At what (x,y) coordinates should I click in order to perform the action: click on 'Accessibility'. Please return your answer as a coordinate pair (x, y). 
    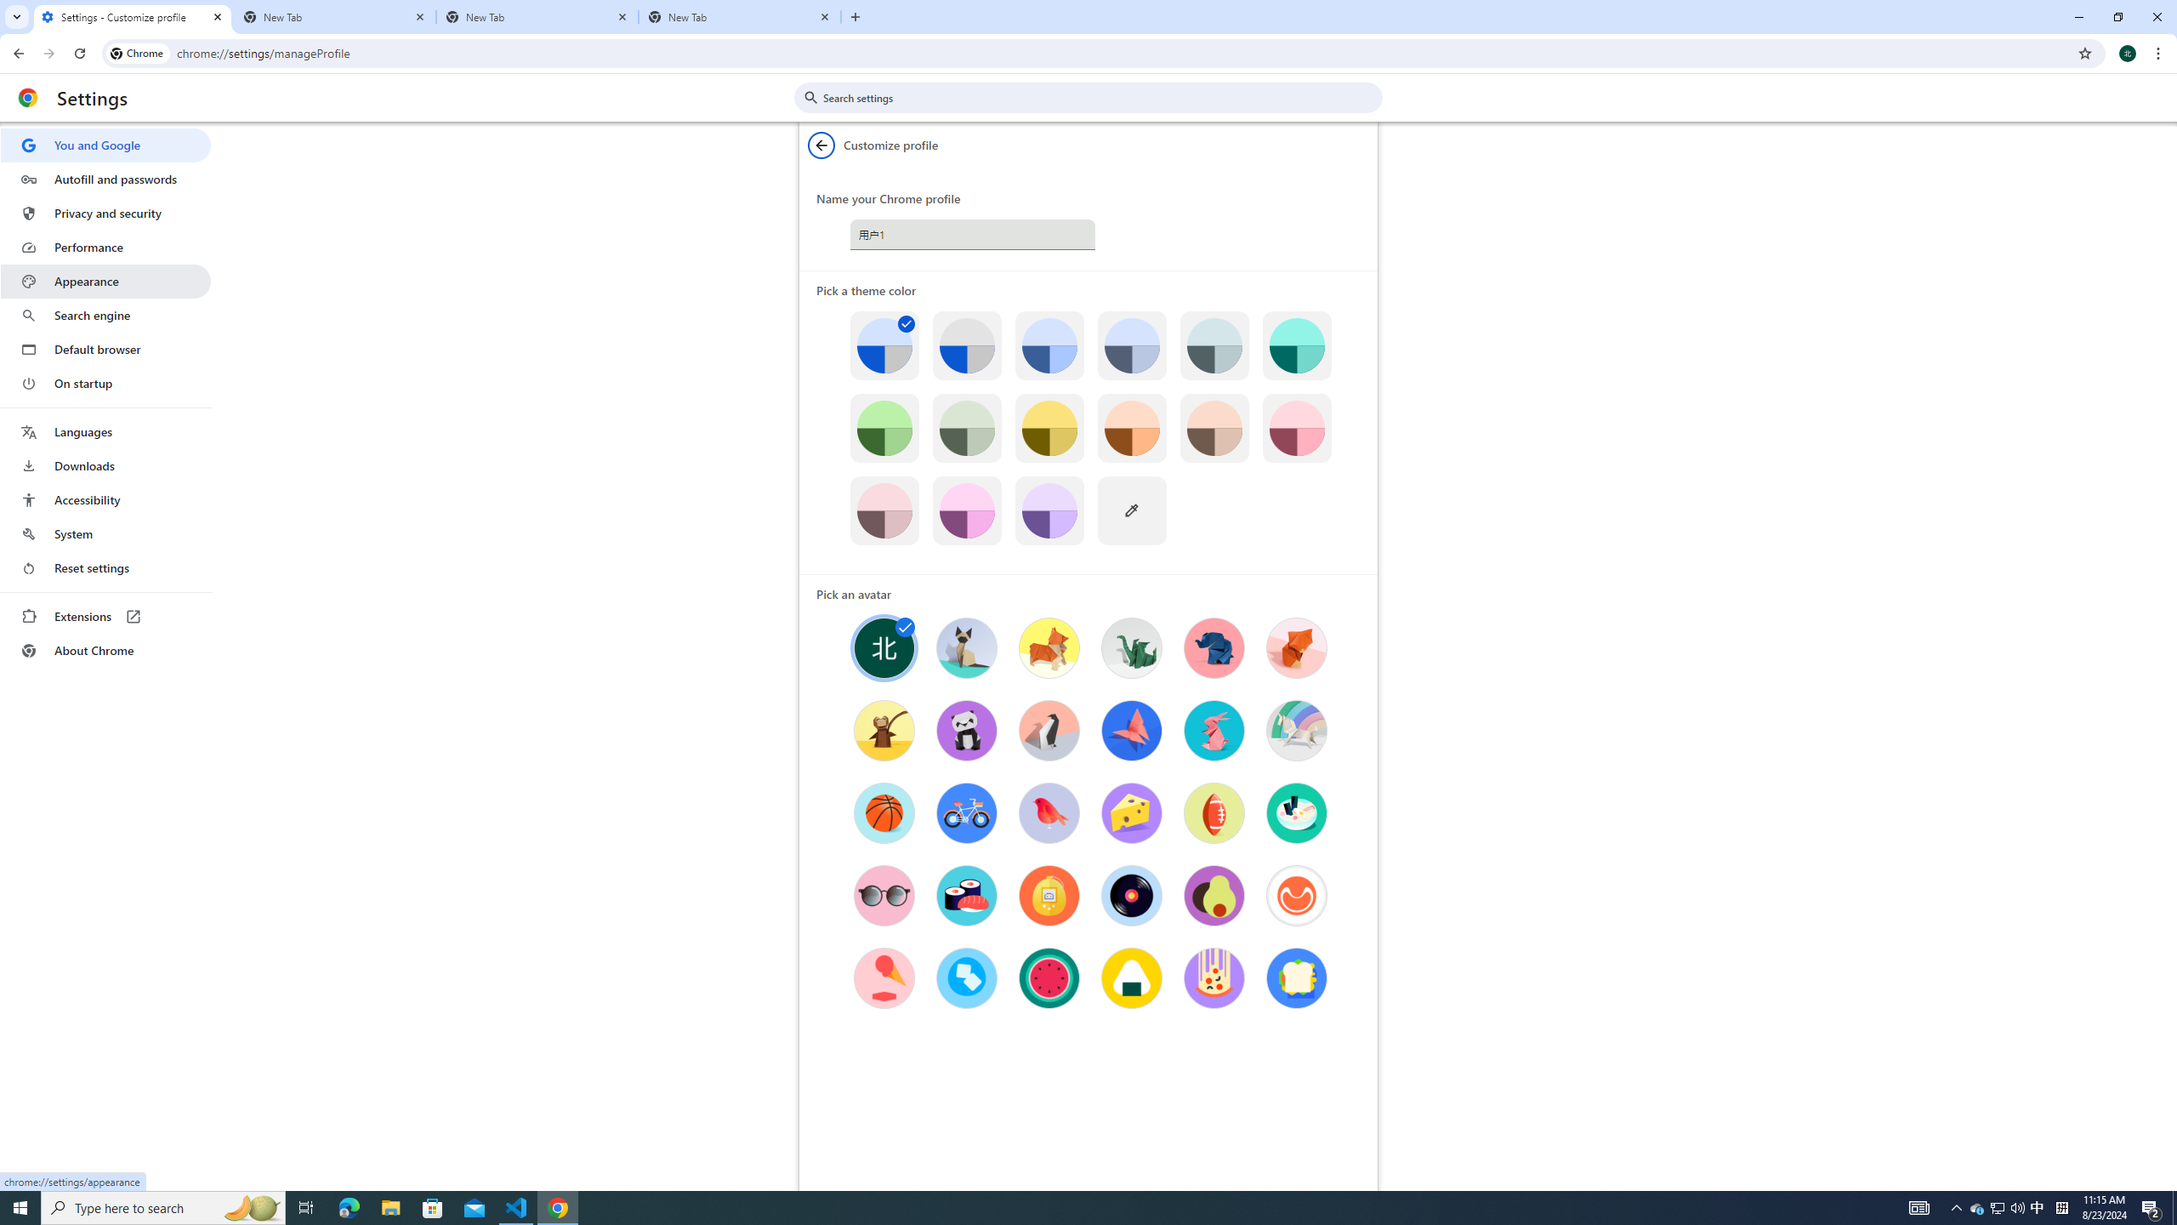
    Looking at the image, I should click on (105, 499).